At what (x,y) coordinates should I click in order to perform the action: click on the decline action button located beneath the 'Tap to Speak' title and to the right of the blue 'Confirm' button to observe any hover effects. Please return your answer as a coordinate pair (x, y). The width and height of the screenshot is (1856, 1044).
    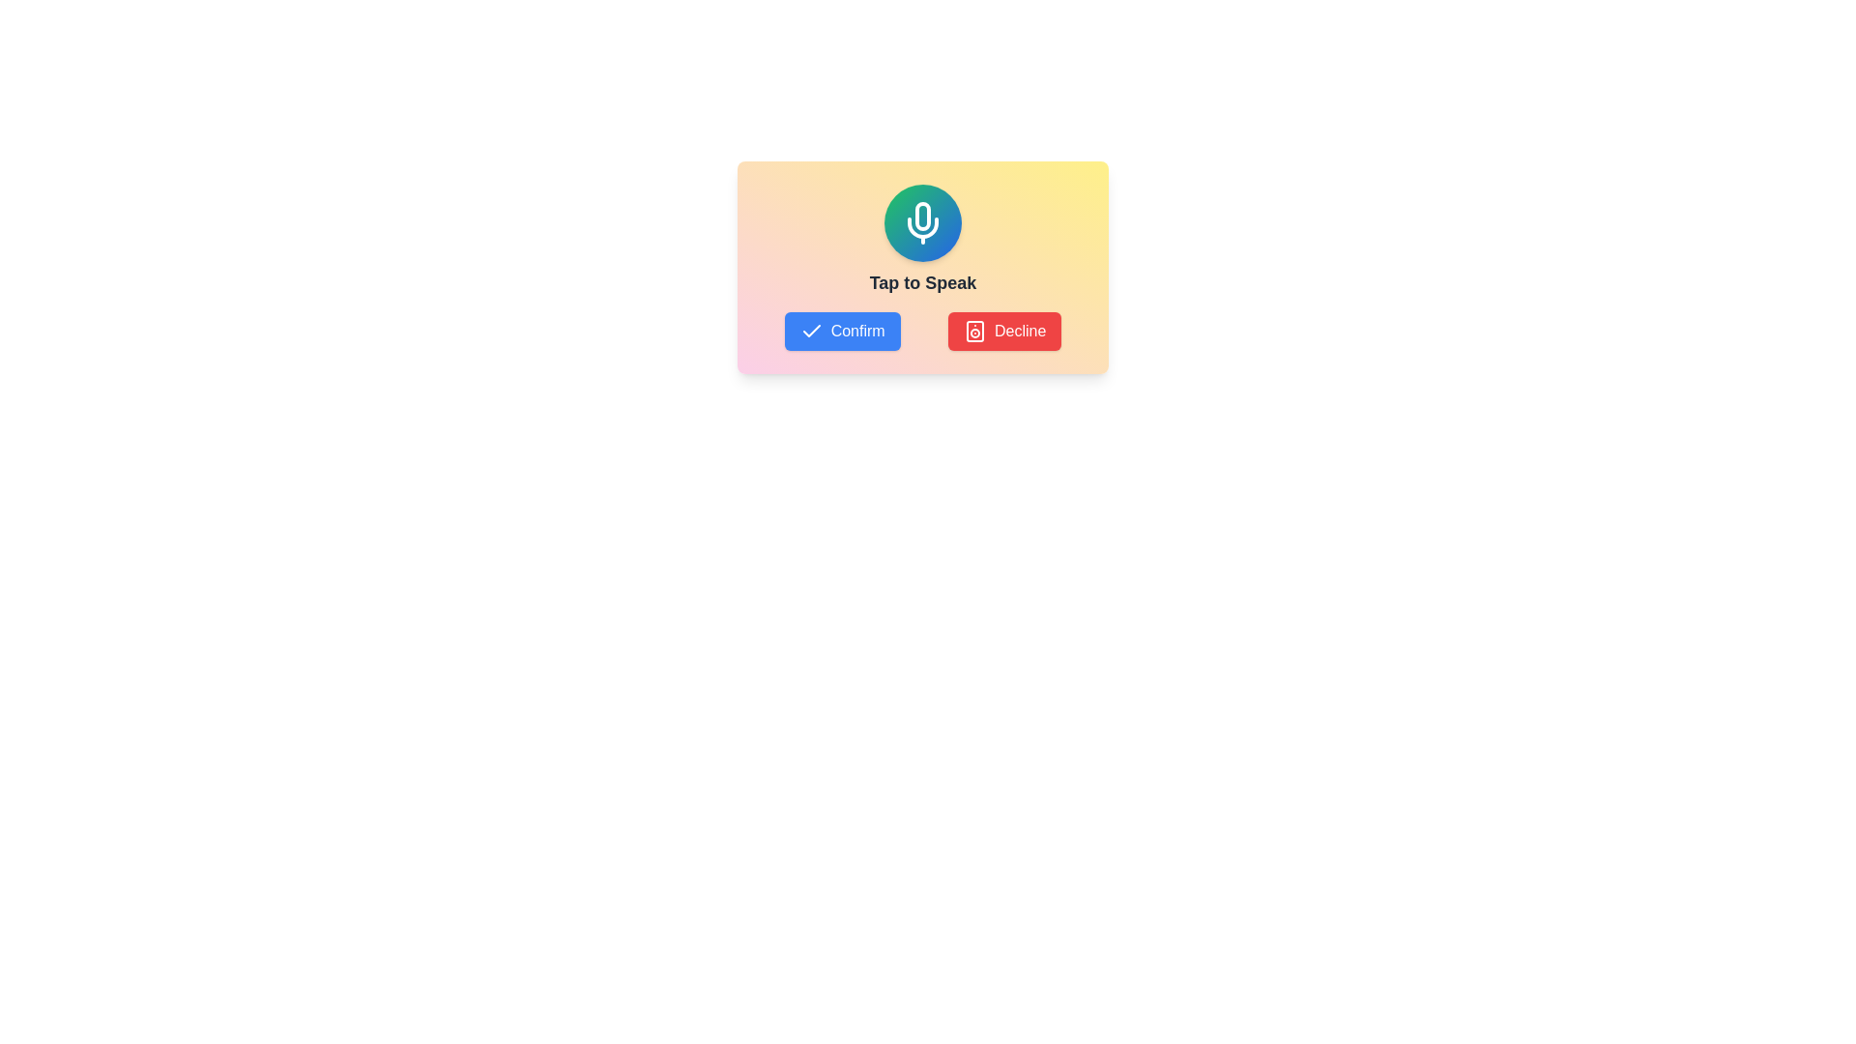
    Looking at the image, I should click on (1004, 331).